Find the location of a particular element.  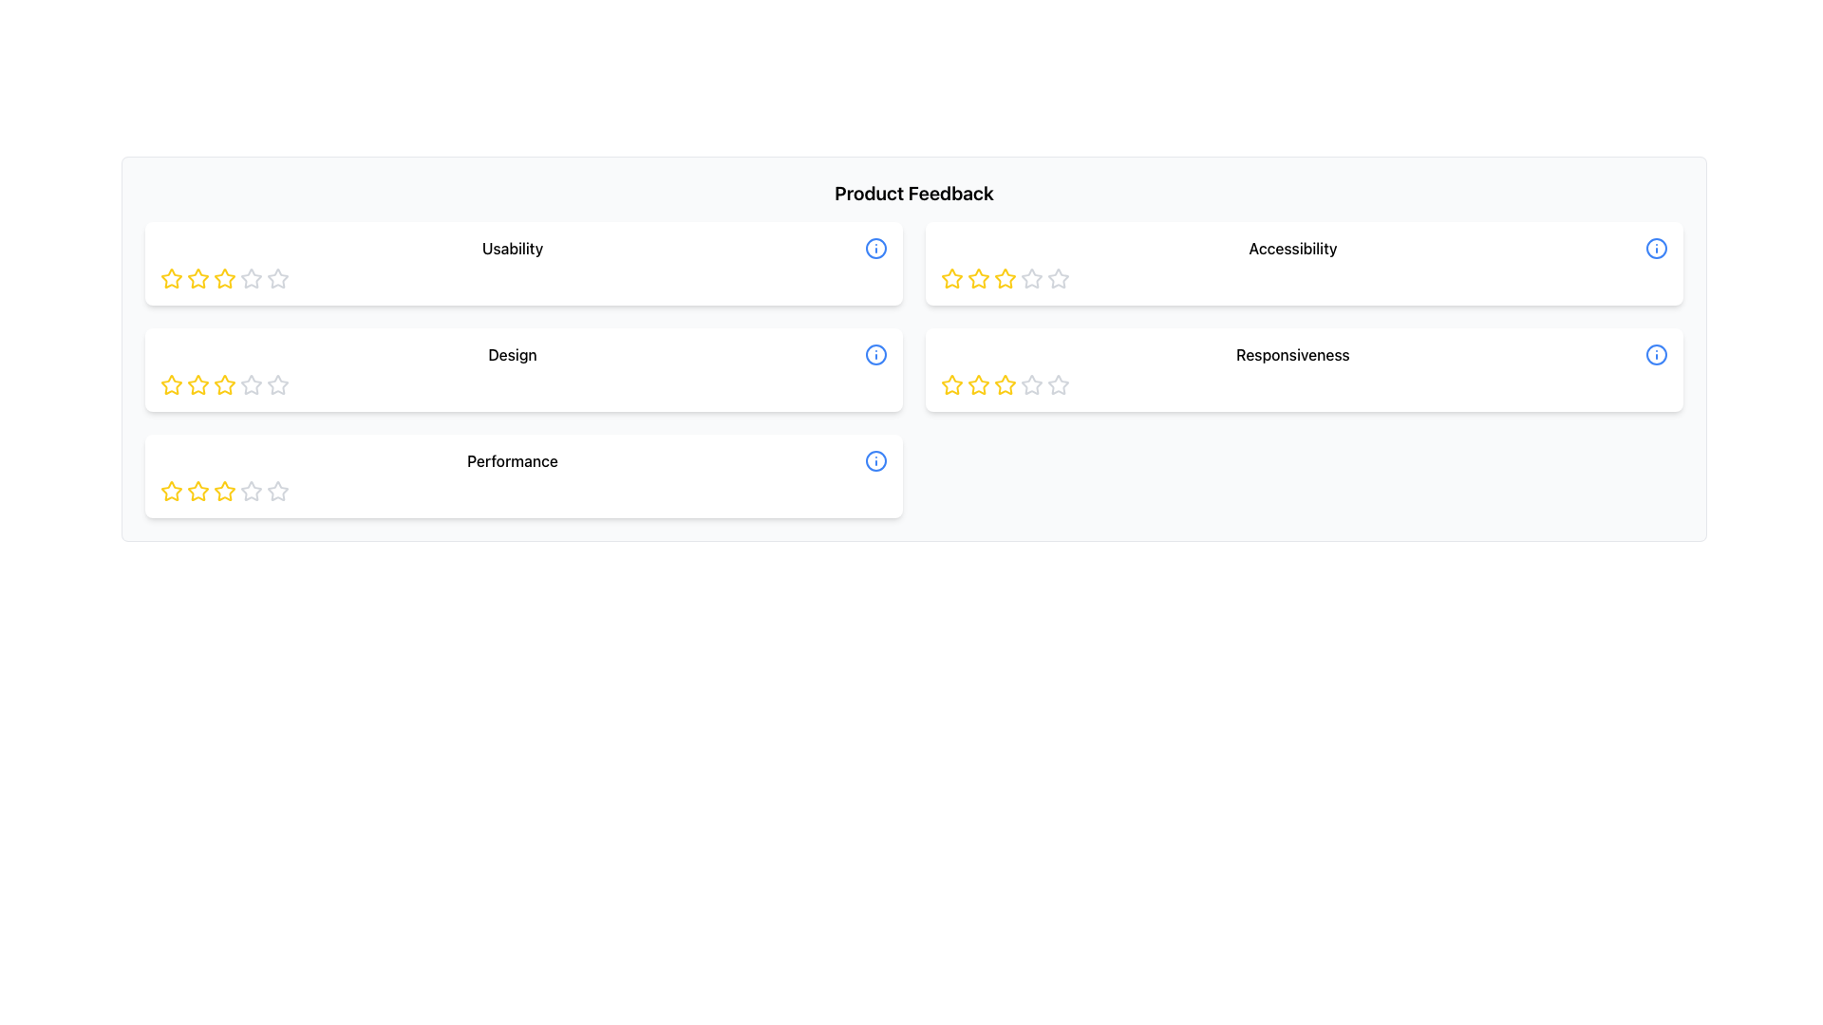

the circular indicator located to the right of the 'Design' feedback section is located at coordinates (874, 355).